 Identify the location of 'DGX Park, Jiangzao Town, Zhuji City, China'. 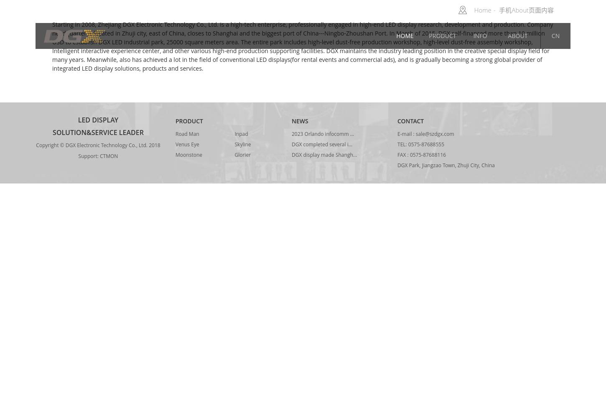
(397, 165).